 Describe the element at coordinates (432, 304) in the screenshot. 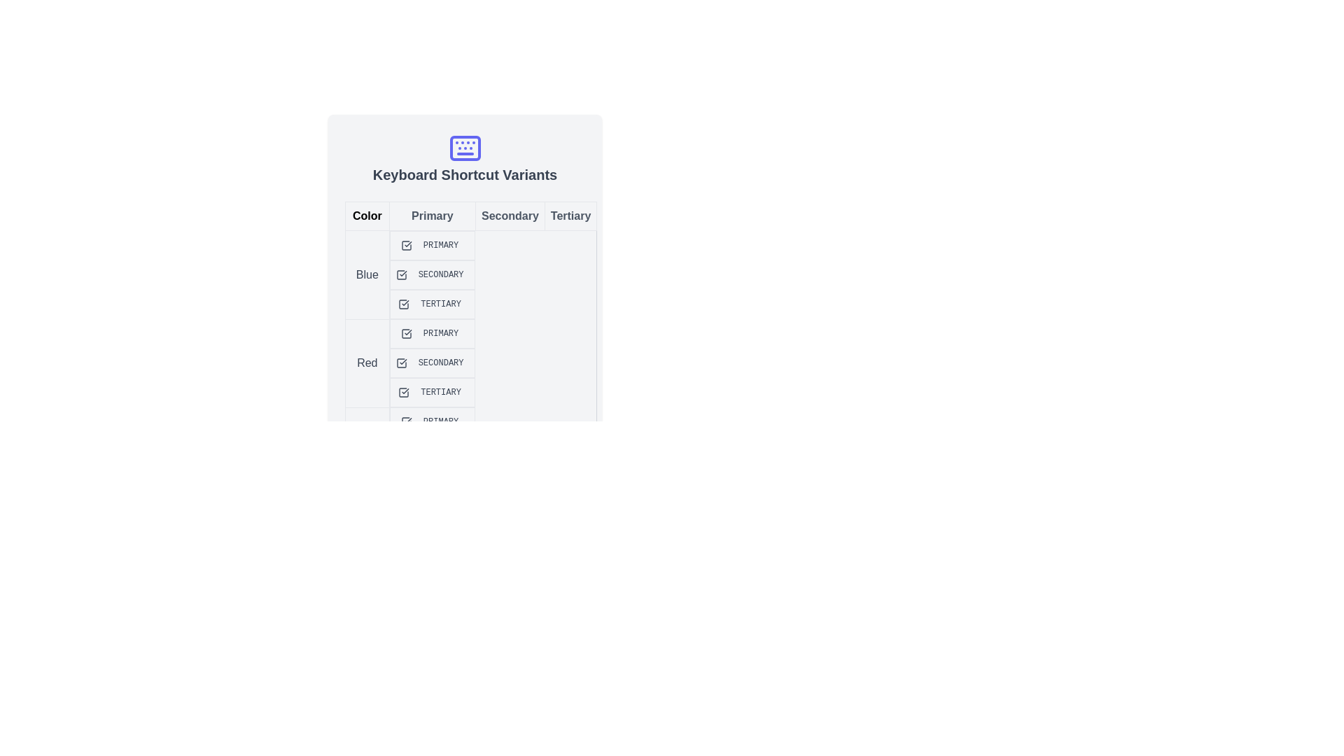

I see `the label with an icon in the third column of the first row labeled 'Blue' to interact with the selection button` at that location.